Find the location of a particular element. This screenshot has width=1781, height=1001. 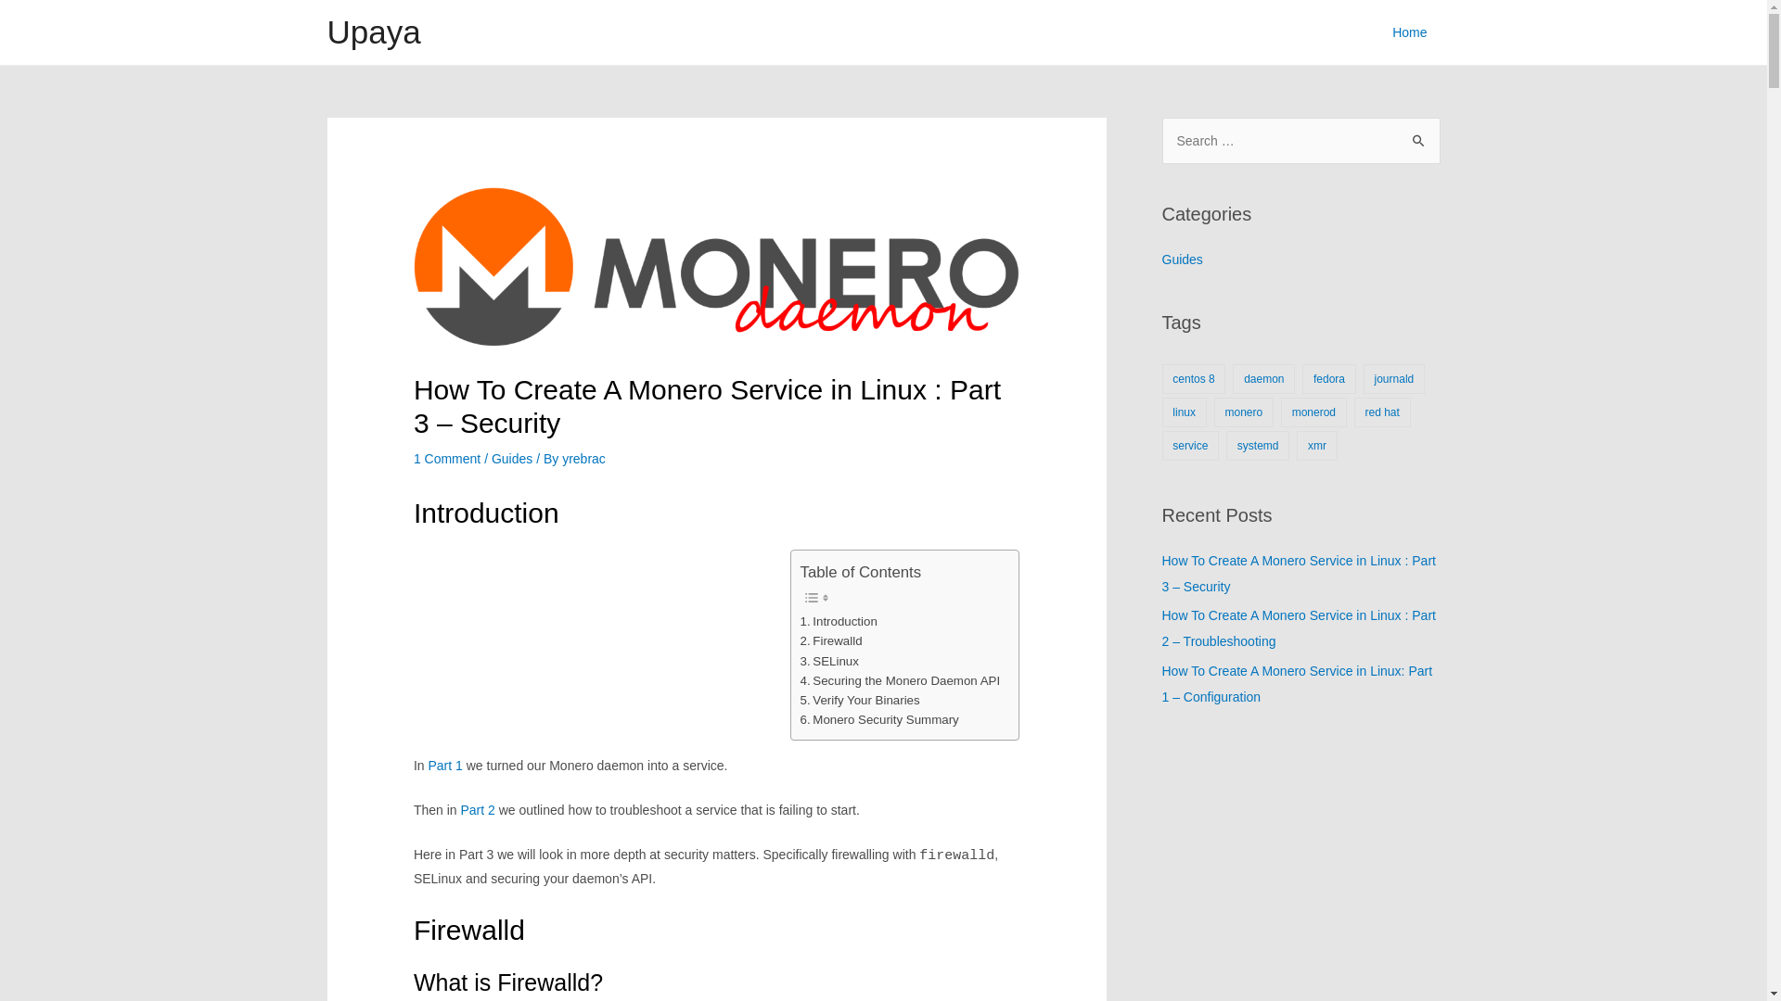

'fedora' is located at coordinates (1328, 377).